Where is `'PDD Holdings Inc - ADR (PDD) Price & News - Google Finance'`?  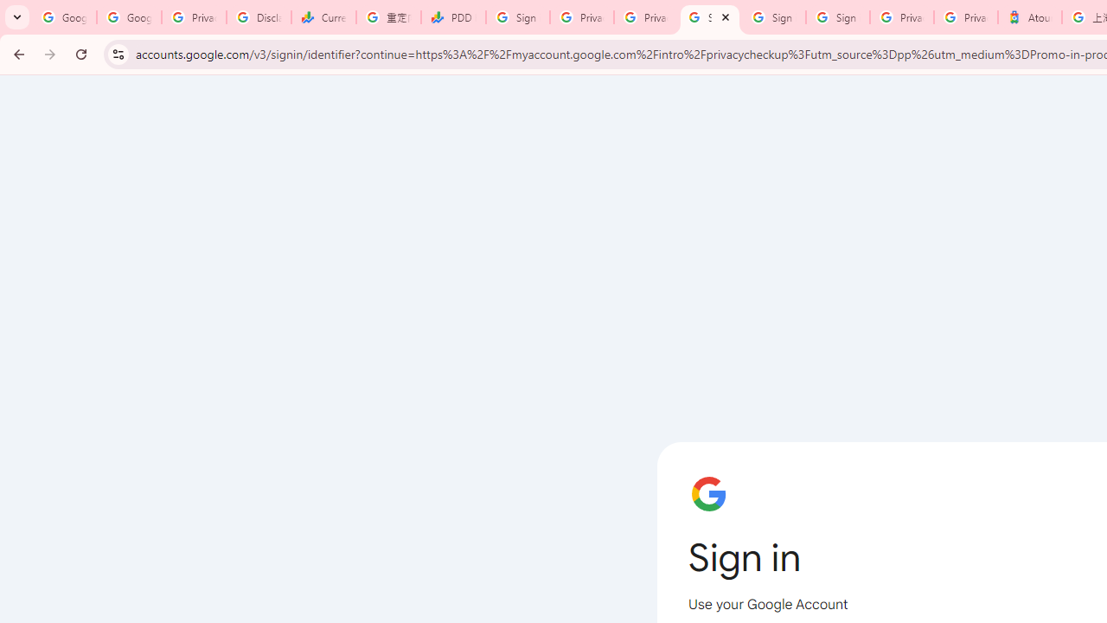 'PDD Holdings Inc - ADR (PDD) Price & News - Google Finance' is located at coordinates (453, 17).